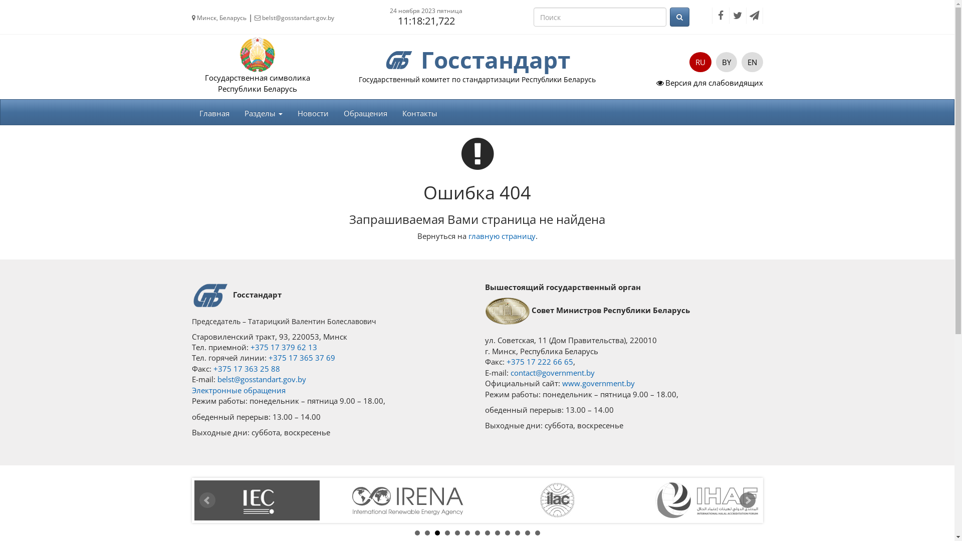 This screenshot has height=541, width=962. What do you see at coordinates (283, 347) in the screenshot?
I see `'+375 17 379 62 13'` at bounding box center [283, 347].